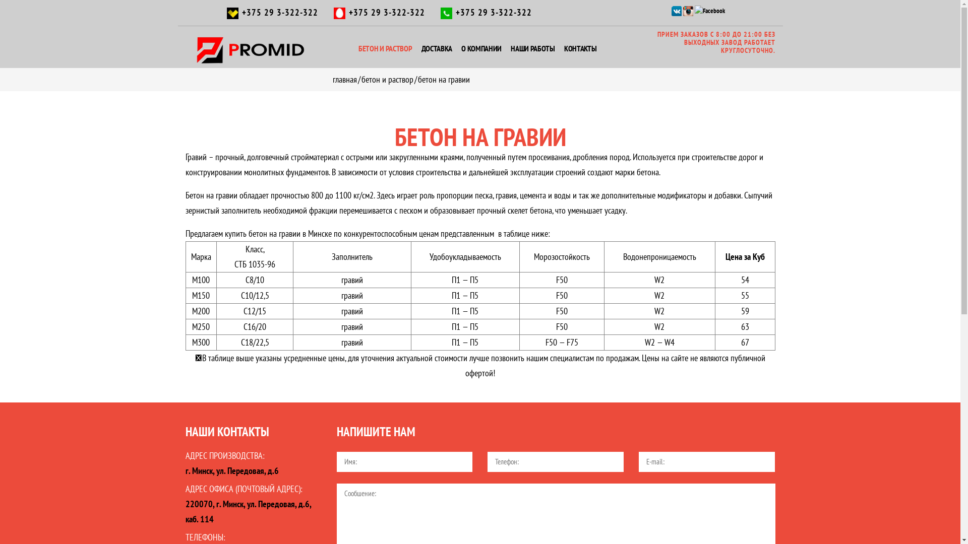 The image size is (968, 544). Describe the element at coordinates (280, 12) in the screenshot. I see `'+375 29 3-322-322'` at that location.